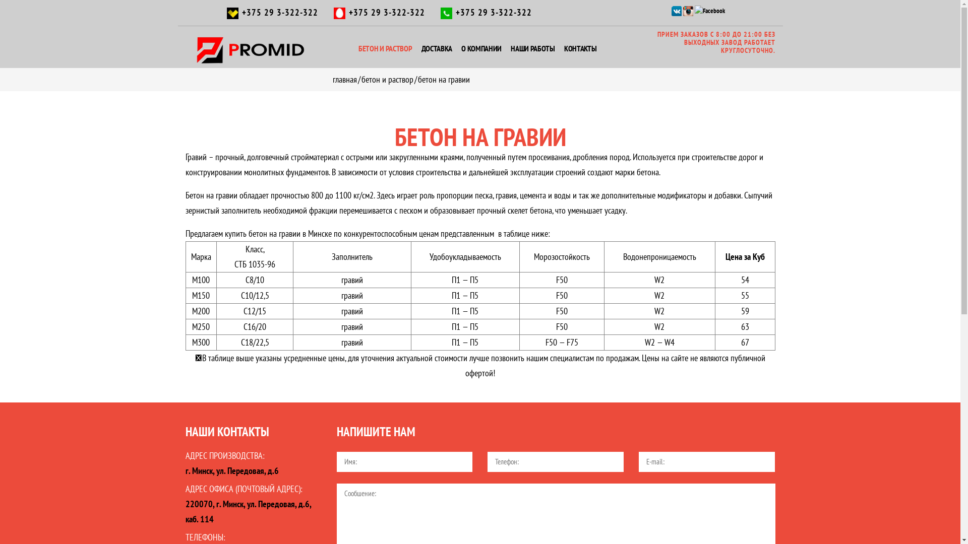 The image size is (968, 544). Describe the element at coordinates (280, 12) in the screenshot. I see `'+375 29 3-322-322'` at that location.